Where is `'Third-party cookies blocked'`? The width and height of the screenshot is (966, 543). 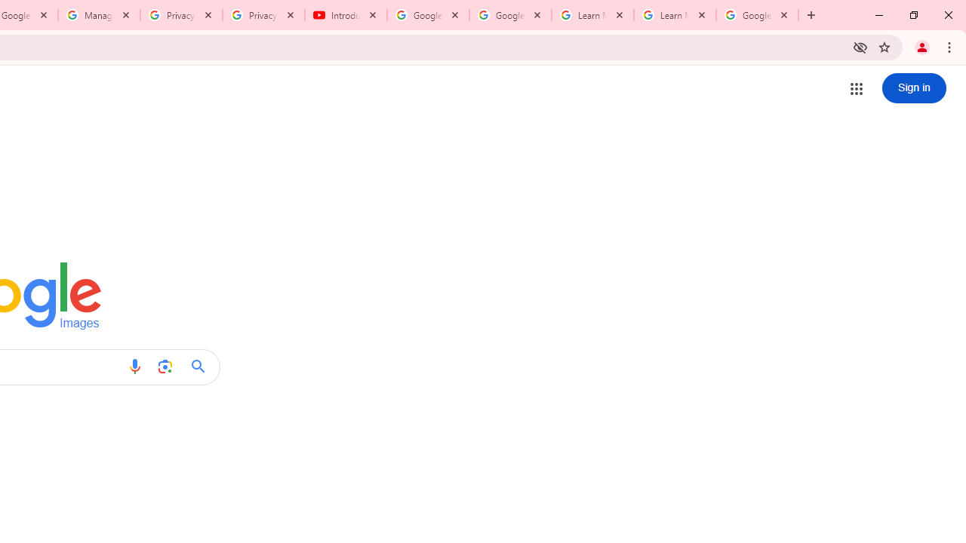 'Third-party cookies blocked' is located at coordinates (860, 46).